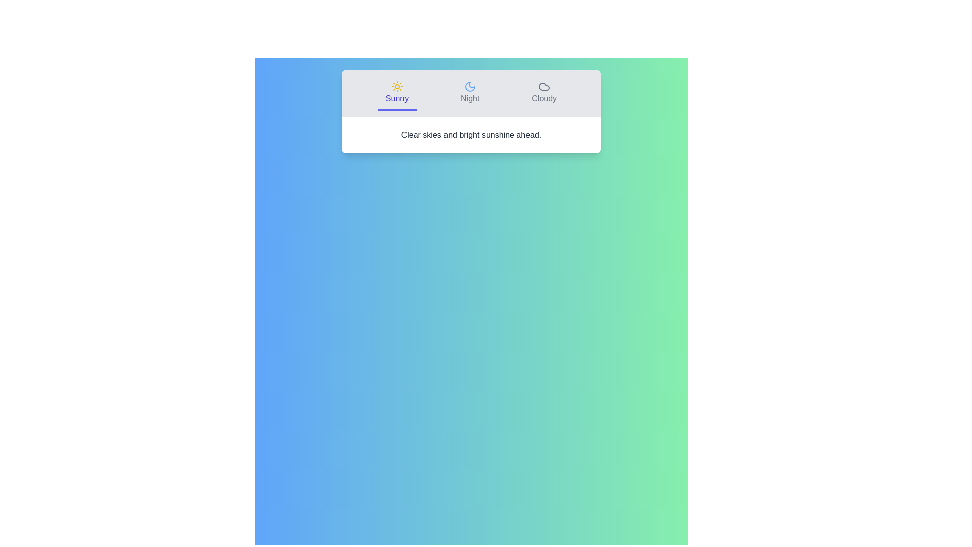 This screenshot has height=547, width=972. I want to click on the Sunny tab to select it, so click(396, 94).